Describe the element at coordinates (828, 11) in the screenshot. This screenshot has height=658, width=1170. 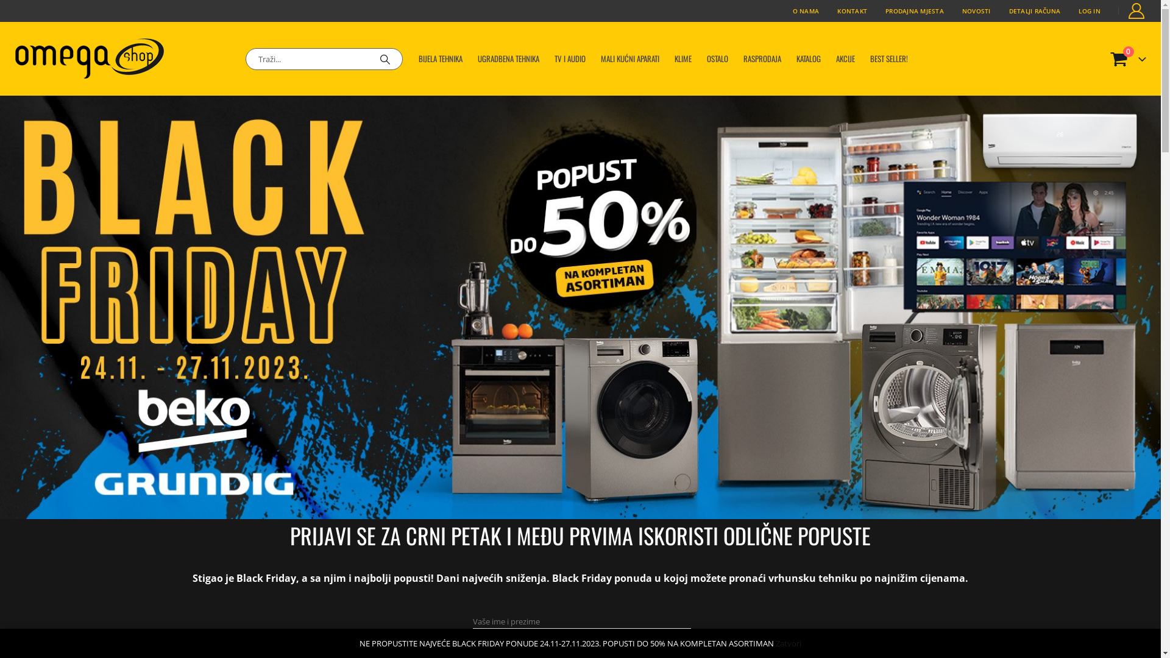
I see `'KONTAKT'` at that location.